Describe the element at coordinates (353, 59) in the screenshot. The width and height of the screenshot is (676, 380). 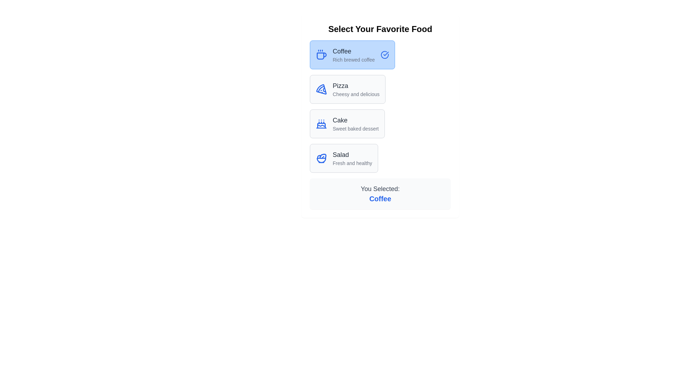
I see `the descriptive label for the 'Coffee' option, which is located directly below the 'Coffee' text in the topmost selection box` at that location.